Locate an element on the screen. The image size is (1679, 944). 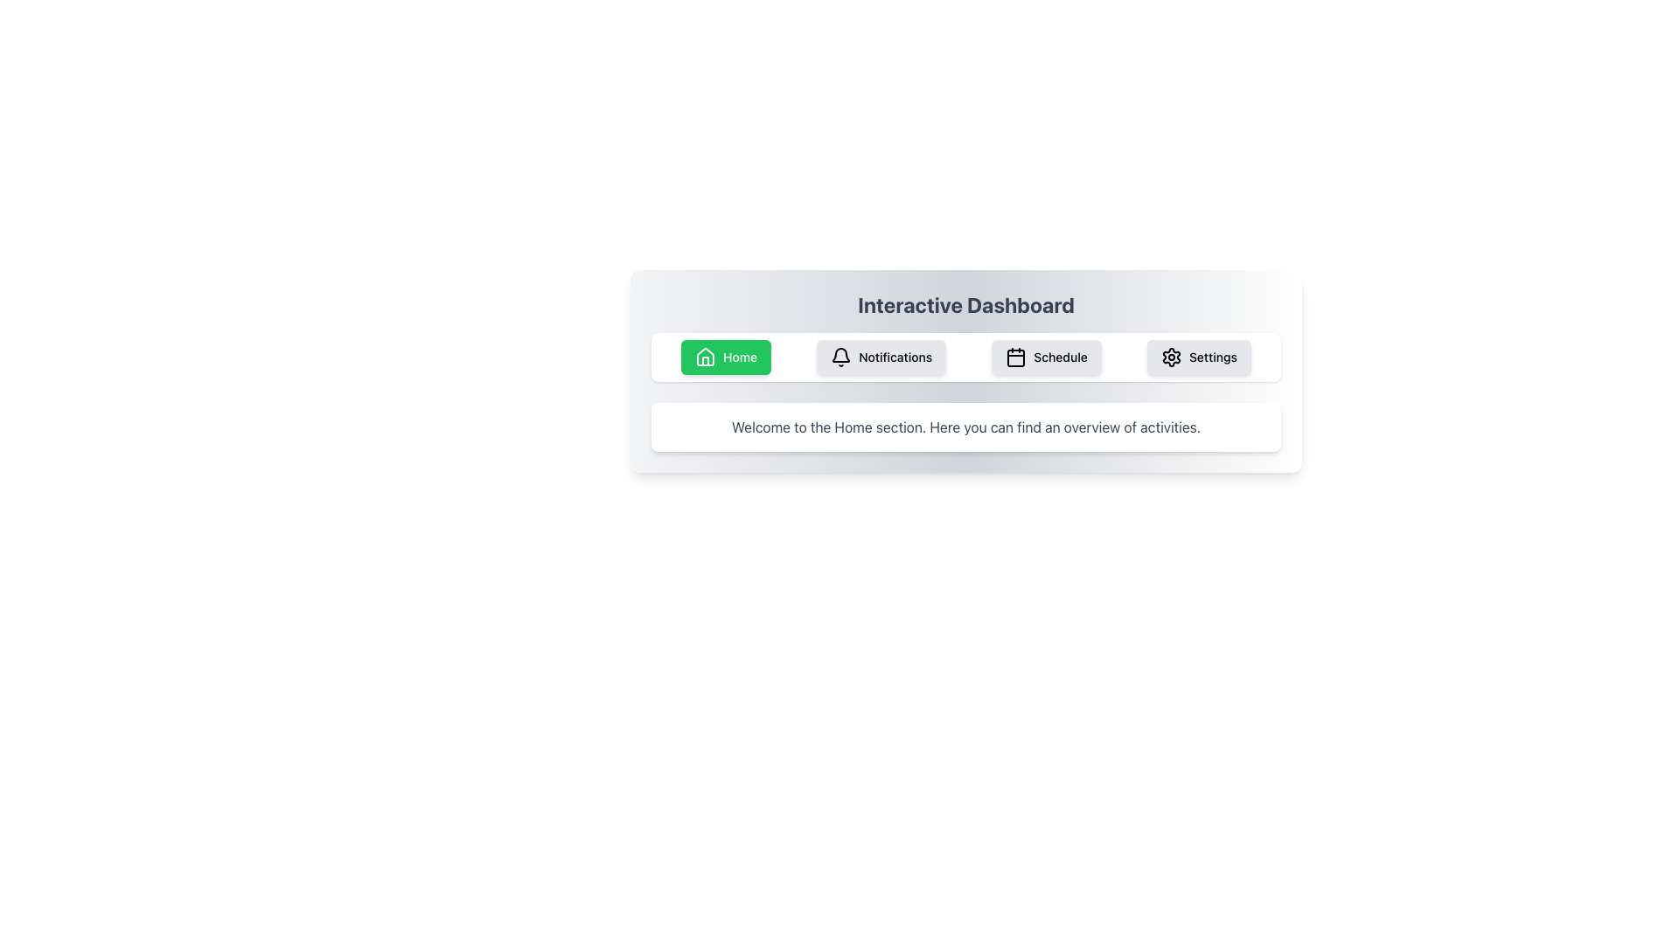
the 'Settings' icon located in the navigation bar is located at coordinates (1171, 356).